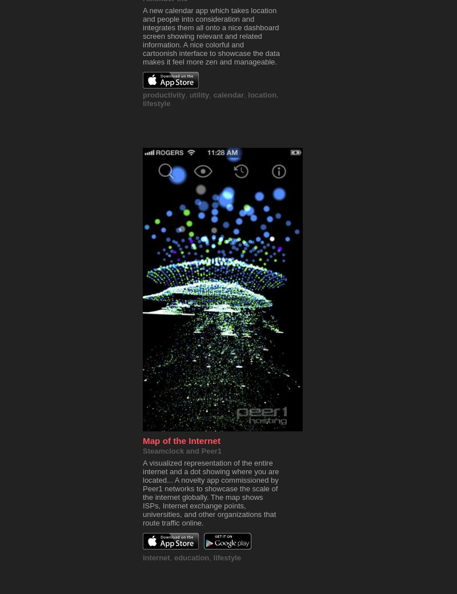  I want to click on 'calendar', so click(228, 95).